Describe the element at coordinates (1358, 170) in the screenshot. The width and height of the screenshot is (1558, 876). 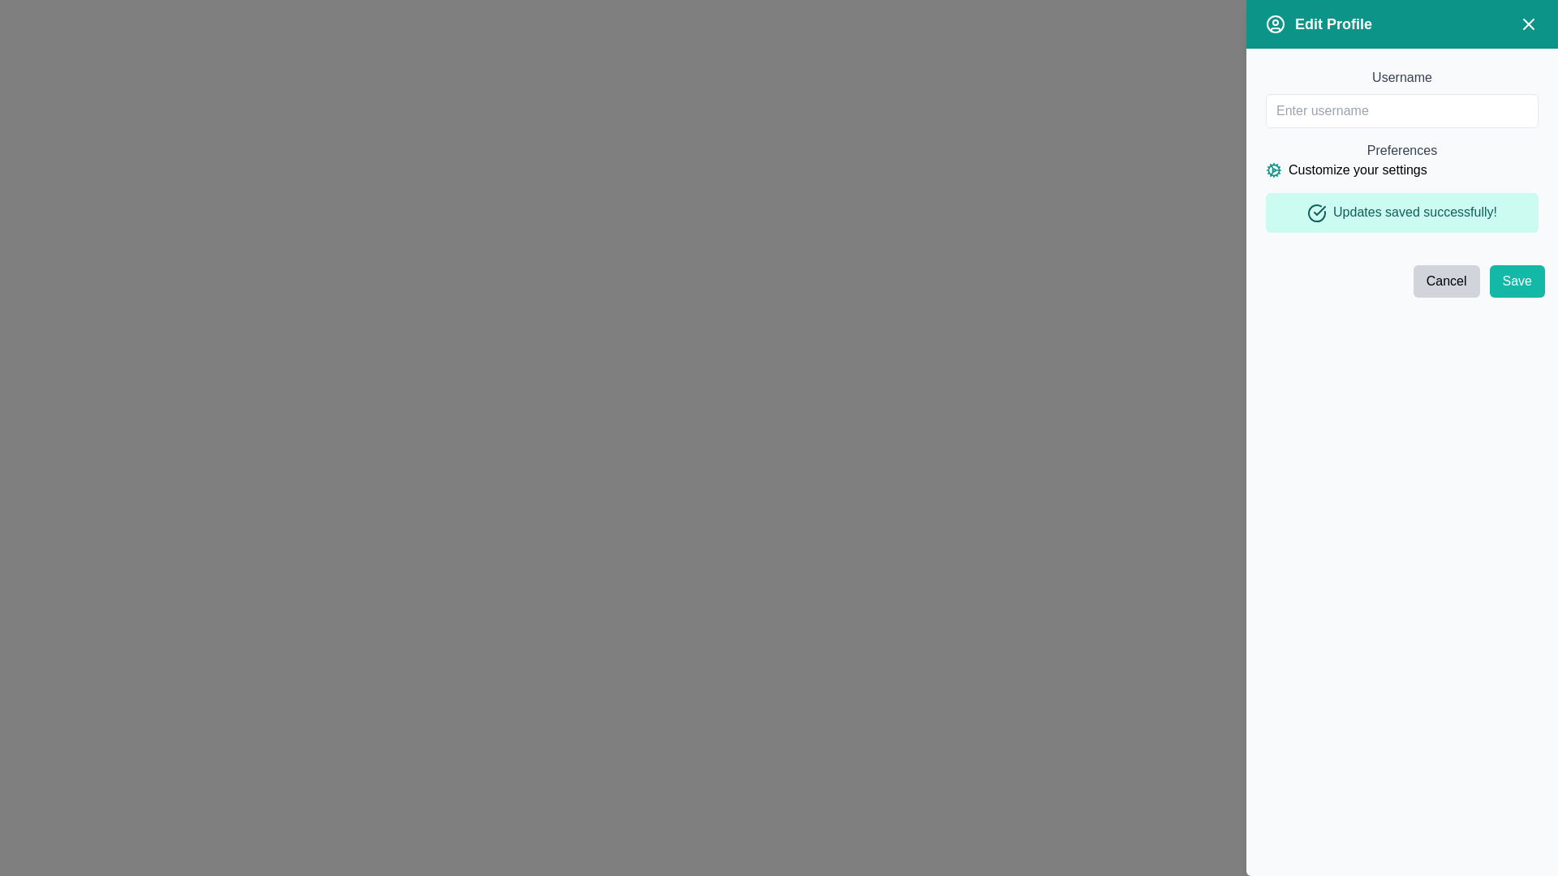
I see `the text label reading 'Customize your settings' located in the 'Preferences' section next to the cogwheel icon in the 'Edit Profile' modal` at that location.